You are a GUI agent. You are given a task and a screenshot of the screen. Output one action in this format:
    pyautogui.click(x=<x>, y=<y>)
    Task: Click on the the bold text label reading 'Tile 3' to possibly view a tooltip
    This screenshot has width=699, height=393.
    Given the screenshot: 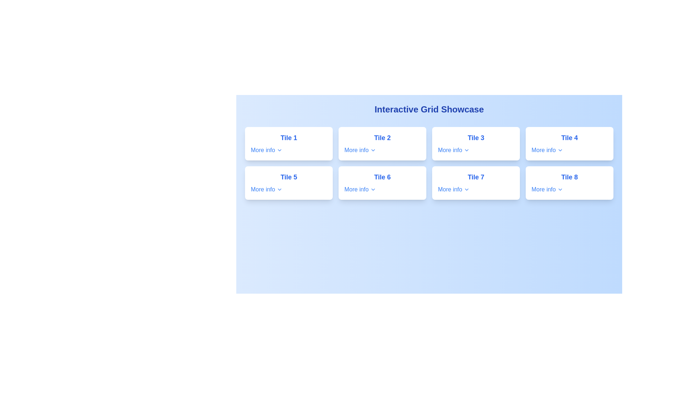 What is the action you would take?
    pyautogui.click(x=476, y=138)
    